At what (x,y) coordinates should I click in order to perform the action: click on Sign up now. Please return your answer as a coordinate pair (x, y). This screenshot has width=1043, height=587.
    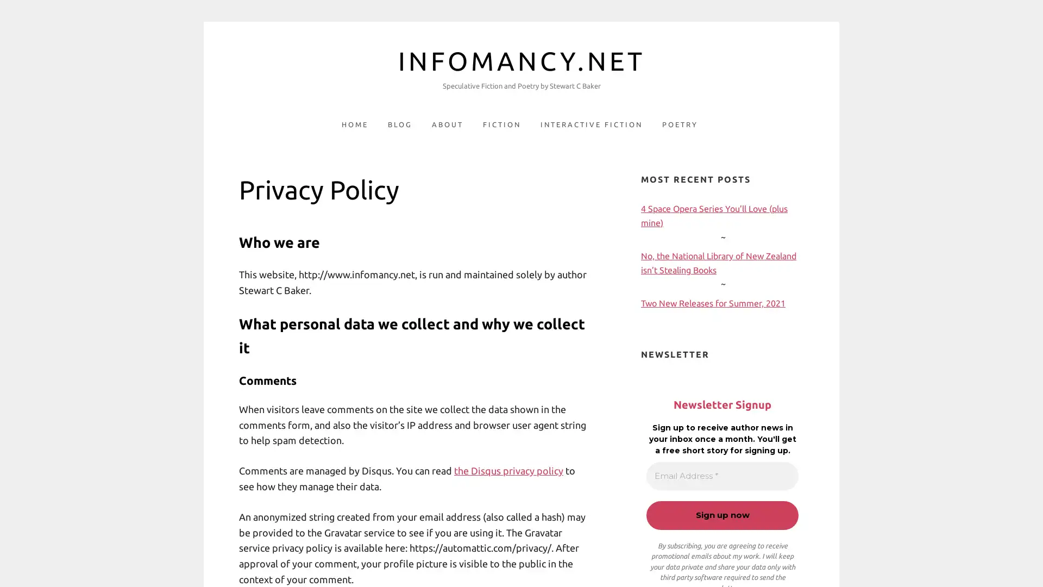
    Looking at the image, I should click on (722, 515).